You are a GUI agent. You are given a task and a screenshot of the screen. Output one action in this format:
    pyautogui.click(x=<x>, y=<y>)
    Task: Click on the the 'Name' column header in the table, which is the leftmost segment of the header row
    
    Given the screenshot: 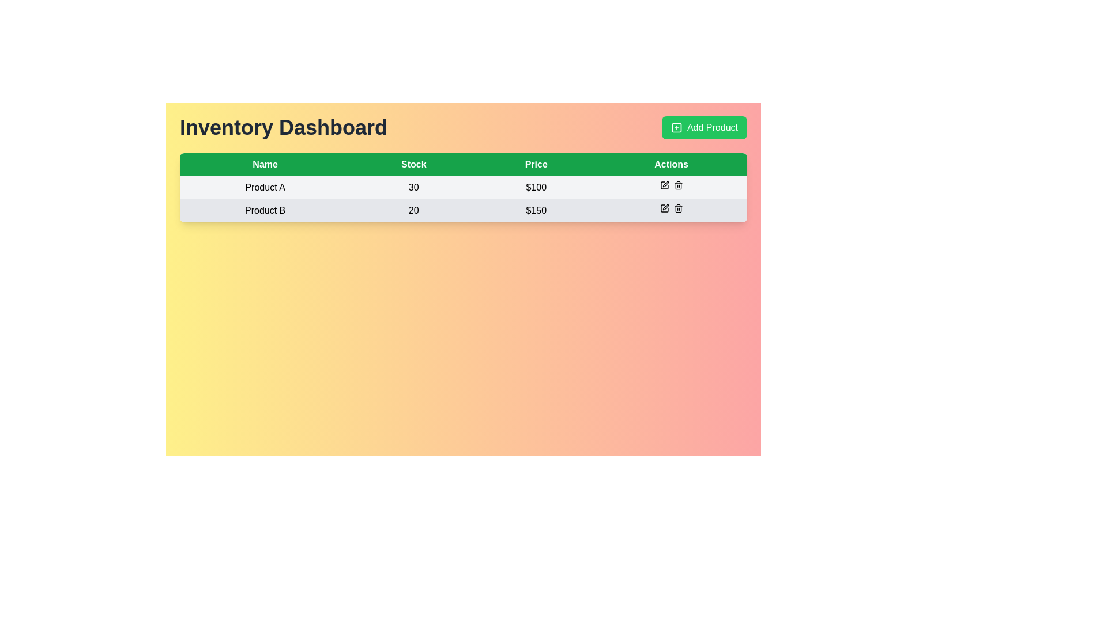 What is the action you would take?
    pyautogui.click(x=265, y=164)
    